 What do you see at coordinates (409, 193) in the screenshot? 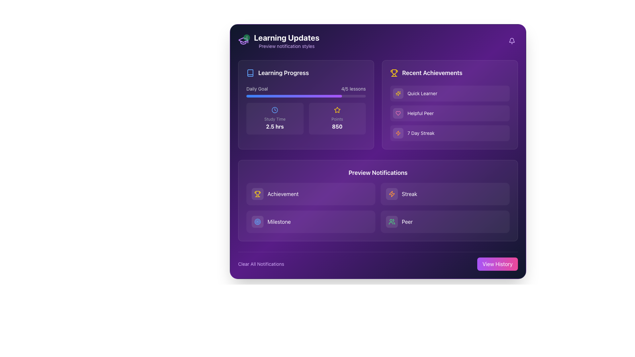
I see `the 'Streak' notification label located in the 'Preview Notifications' section of the interface, positioned in the second cell of the second row` at bounding box center [409, 193].